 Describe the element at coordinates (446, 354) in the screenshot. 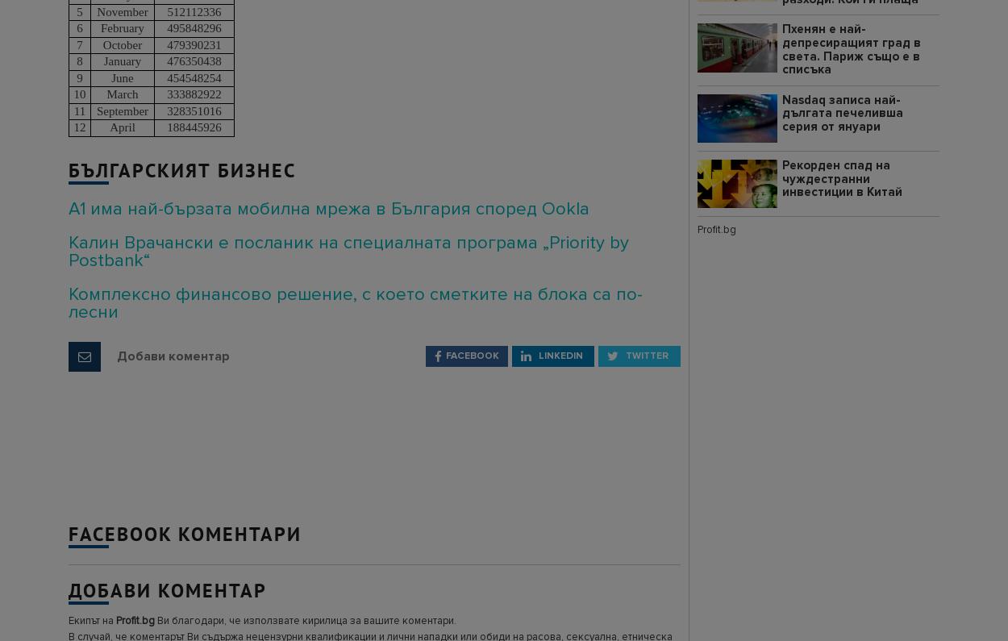

I see `'facebook'` at that location.